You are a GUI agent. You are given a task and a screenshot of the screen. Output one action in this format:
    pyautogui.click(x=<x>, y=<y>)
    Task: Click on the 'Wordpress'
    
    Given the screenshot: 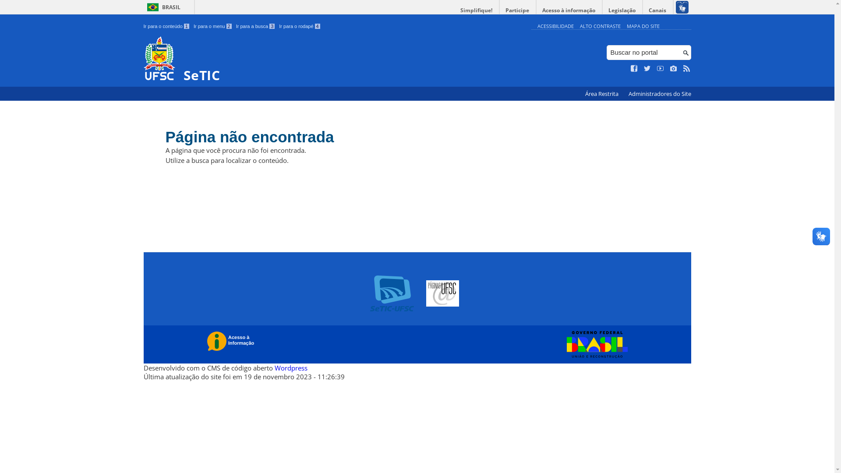 What is the action you would take?
    pyautogui.click(x=290, y=368)
    